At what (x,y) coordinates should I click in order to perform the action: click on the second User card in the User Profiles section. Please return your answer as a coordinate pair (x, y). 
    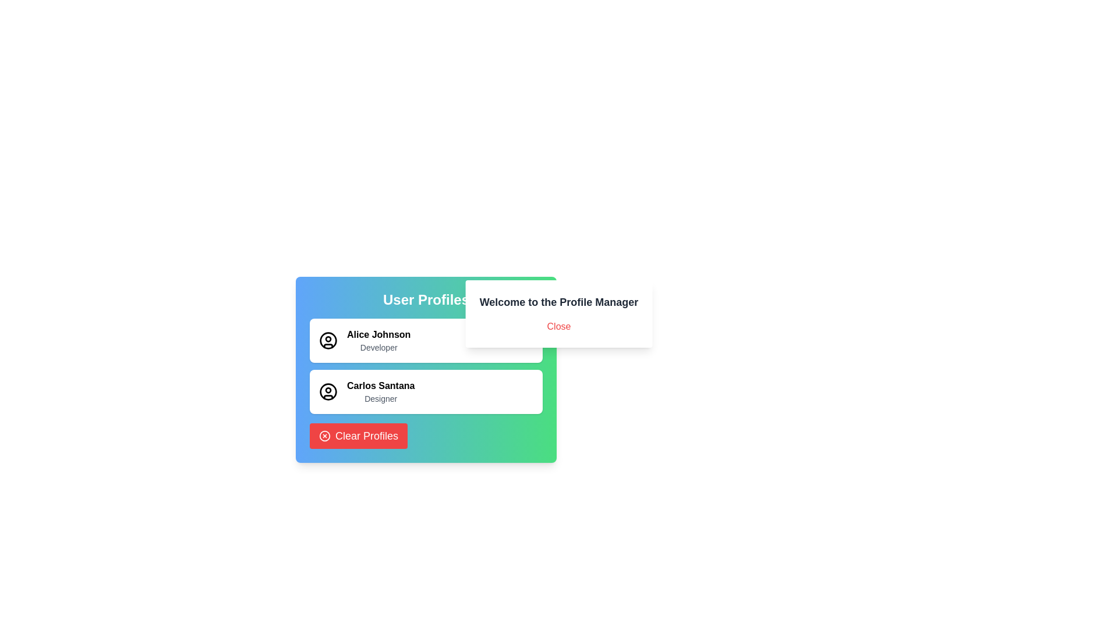
    Looking at the image, I should click on (425, 370).